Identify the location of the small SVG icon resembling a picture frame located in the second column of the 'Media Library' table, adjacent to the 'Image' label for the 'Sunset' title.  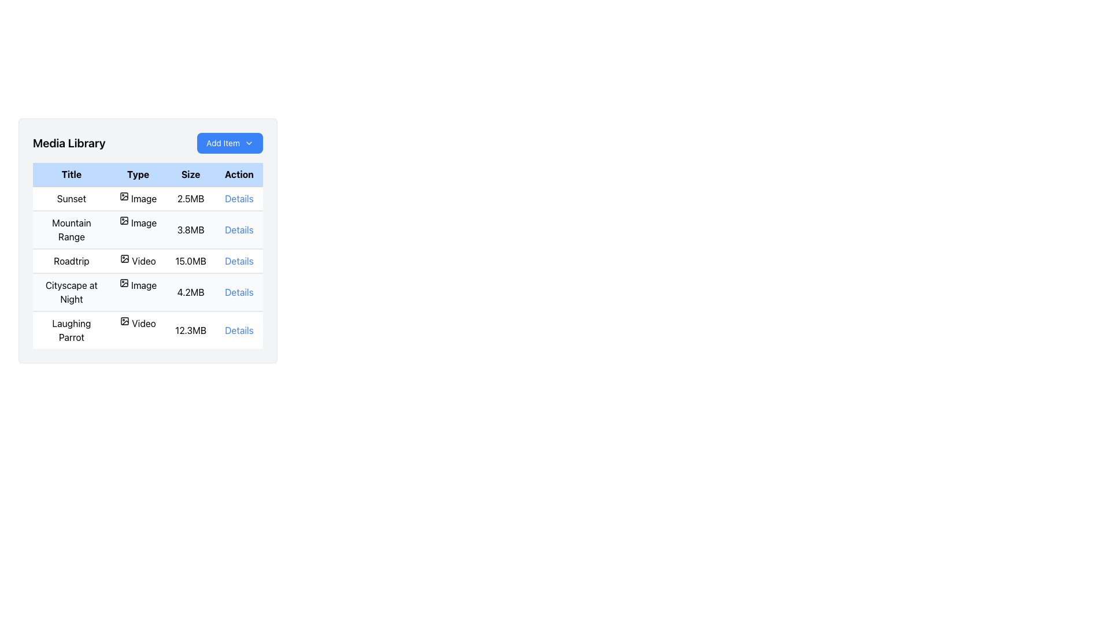
(124, 195).